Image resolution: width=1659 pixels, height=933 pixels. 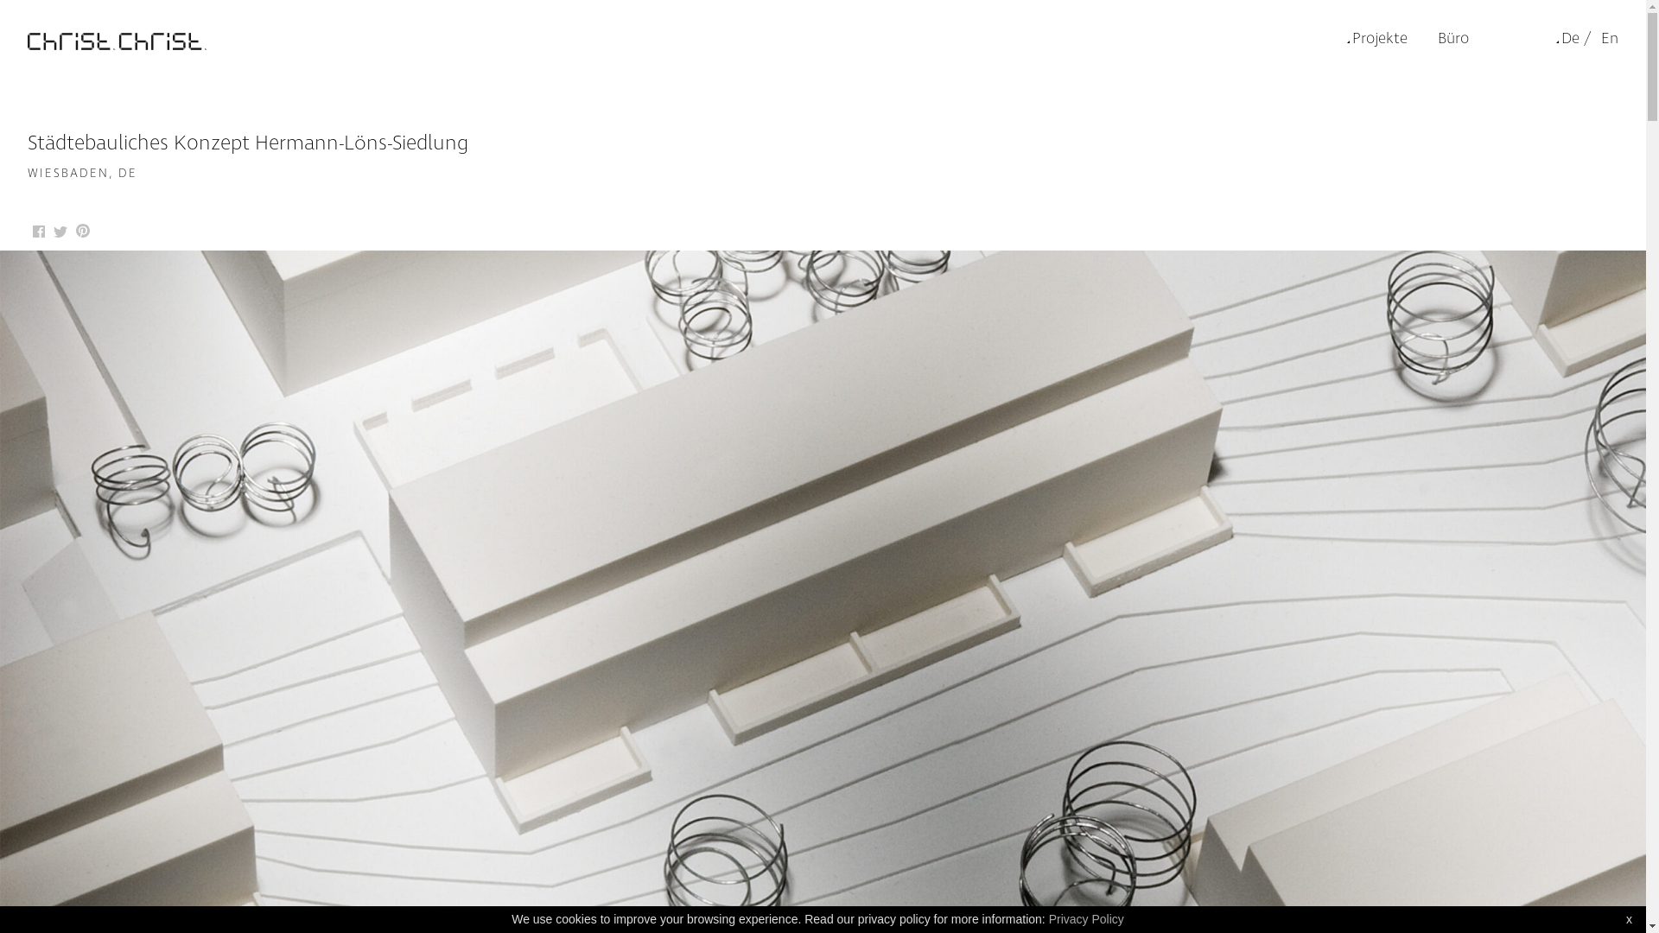 I want to click on 'En', so click(x=1606, y=38).